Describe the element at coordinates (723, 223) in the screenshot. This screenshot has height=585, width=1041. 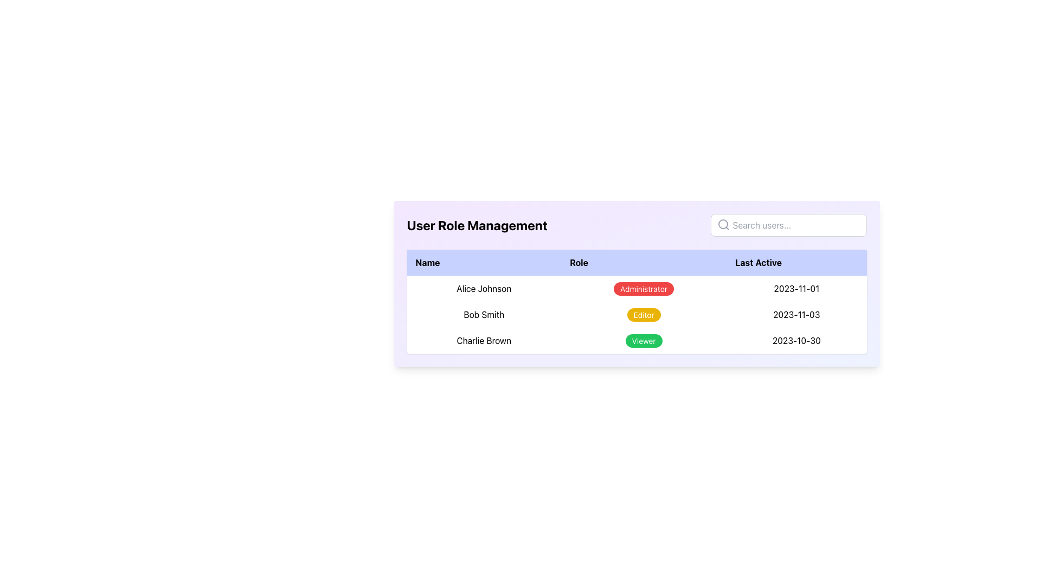
I see `the small circular shape within the magnifying glass icon located on the right side of the header bar of the application interface` at that location.